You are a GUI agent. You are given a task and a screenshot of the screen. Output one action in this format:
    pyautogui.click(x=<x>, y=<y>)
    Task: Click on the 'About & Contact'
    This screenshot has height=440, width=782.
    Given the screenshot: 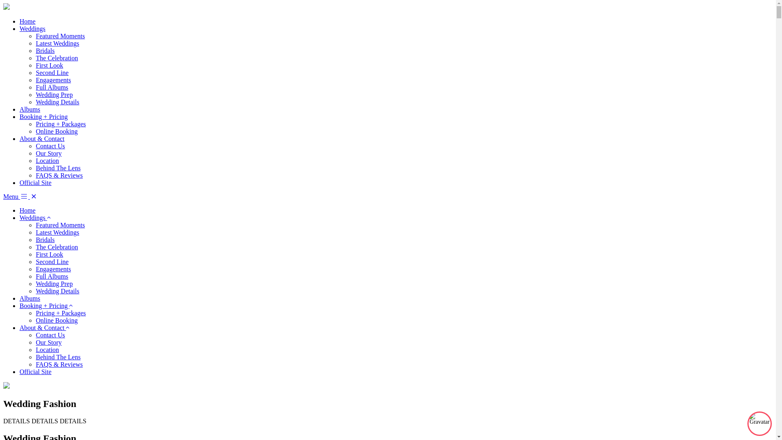 What is the action you would take?
    pyautogui.click(x=41, y=138)
    